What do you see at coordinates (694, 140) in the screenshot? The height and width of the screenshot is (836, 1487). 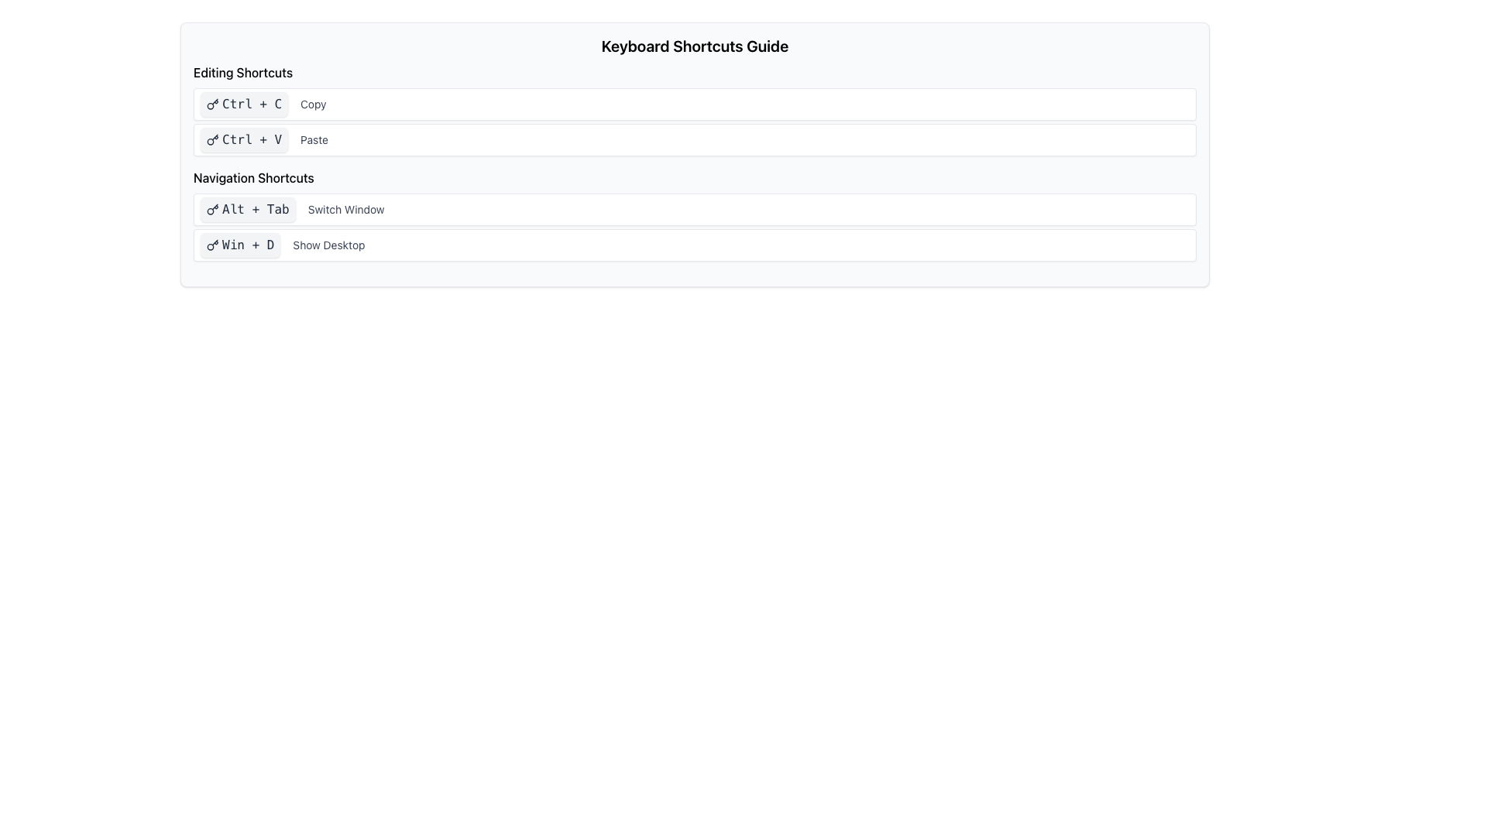 I see `the list item that represents the keyboard shortcut for pasting, displaying 'Ctrl + V' and the description 'Paste'` at bounding box center [694, 140].